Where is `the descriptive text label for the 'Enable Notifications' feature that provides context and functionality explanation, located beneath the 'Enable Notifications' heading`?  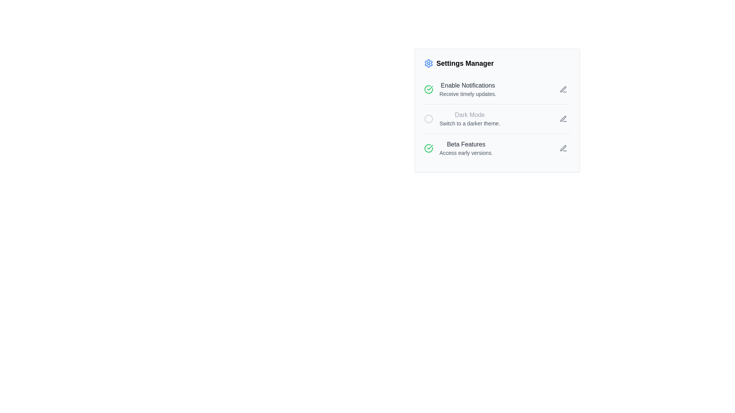
the descriptive text label for the 'Enable Notifications' feature that provides context and functionality explanation, located beneath the 'Enable Notifications' heading is located at coordinates (467, 94).